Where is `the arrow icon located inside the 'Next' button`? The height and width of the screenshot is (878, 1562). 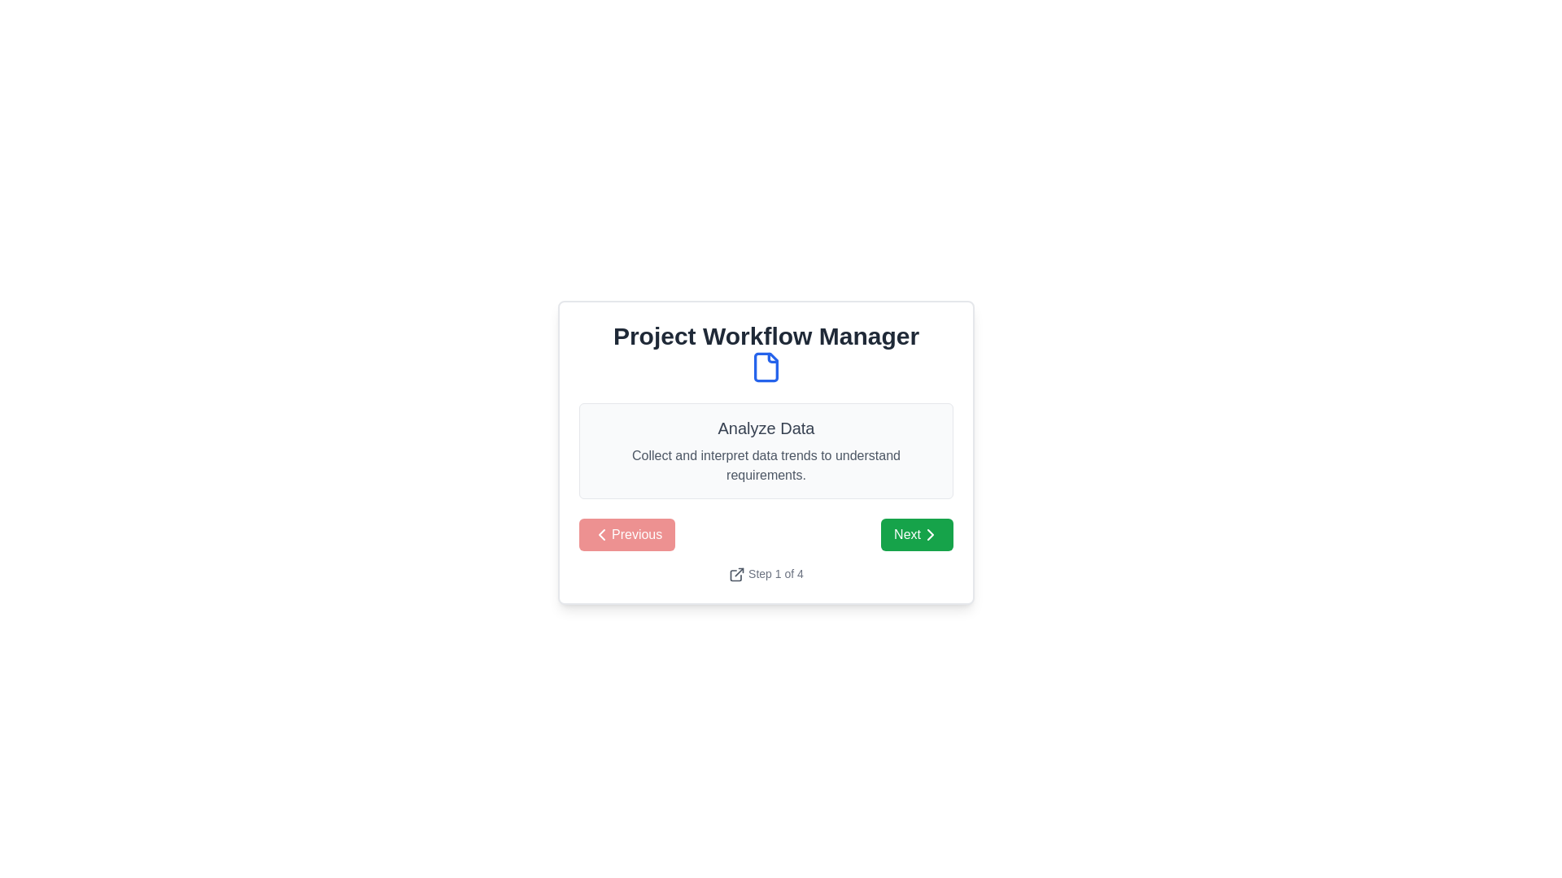
the arrow icon located inside the 'Next' button is located at coordinates (930, 535).